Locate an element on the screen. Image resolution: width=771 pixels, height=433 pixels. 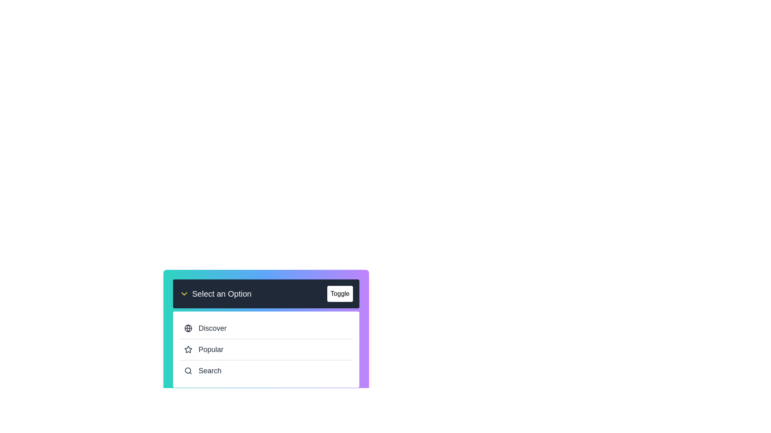
the 'Toggle' button to toggle the dropdown menu is located at coordinates (340, 293).